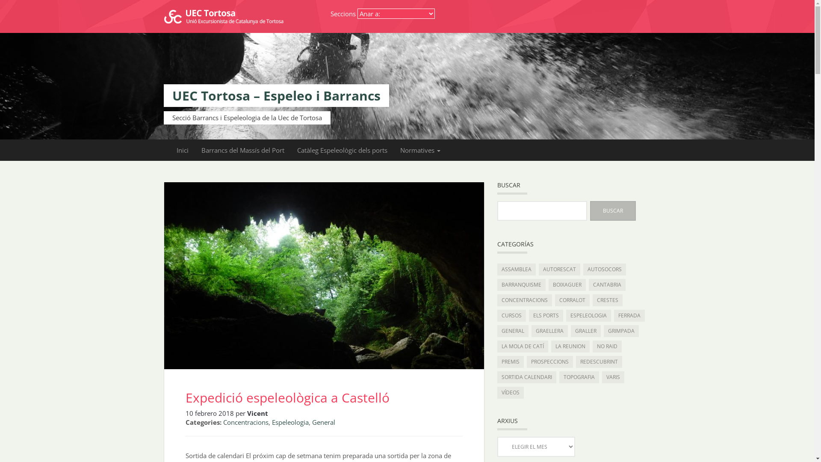 The image size is (821, 462). I want to click on 'CONCENTRACIONS', so click(523, 300).